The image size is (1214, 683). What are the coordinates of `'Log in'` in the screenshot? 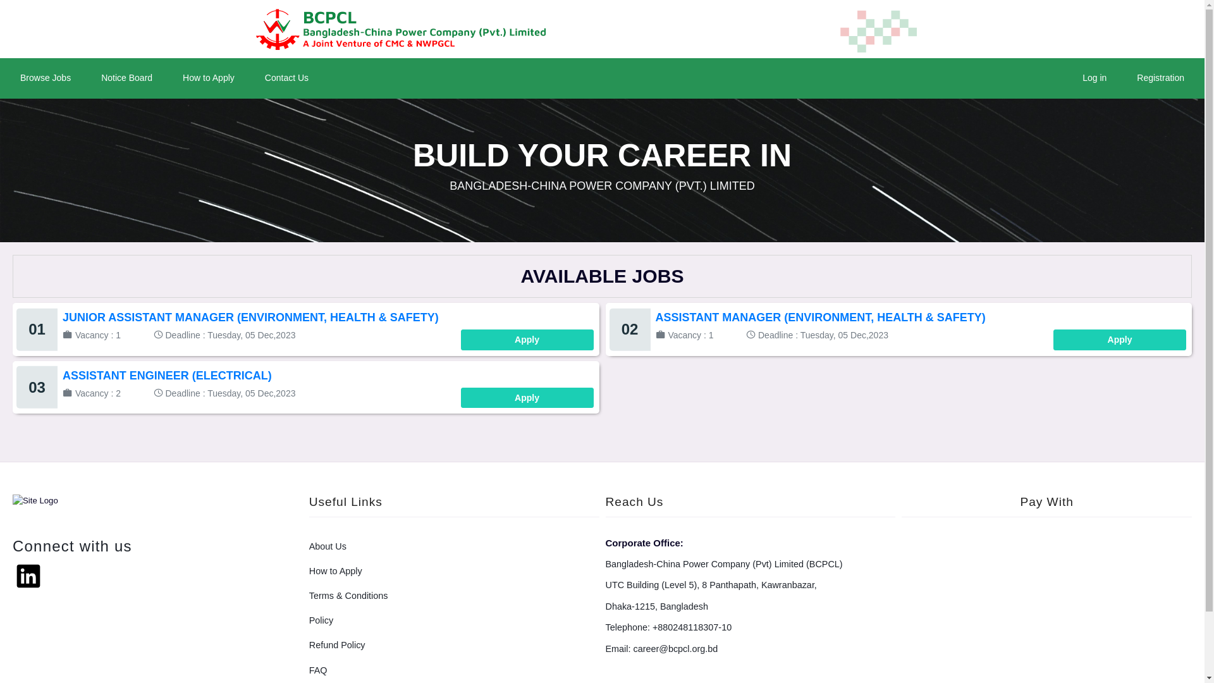 It's located at (1094, 78).